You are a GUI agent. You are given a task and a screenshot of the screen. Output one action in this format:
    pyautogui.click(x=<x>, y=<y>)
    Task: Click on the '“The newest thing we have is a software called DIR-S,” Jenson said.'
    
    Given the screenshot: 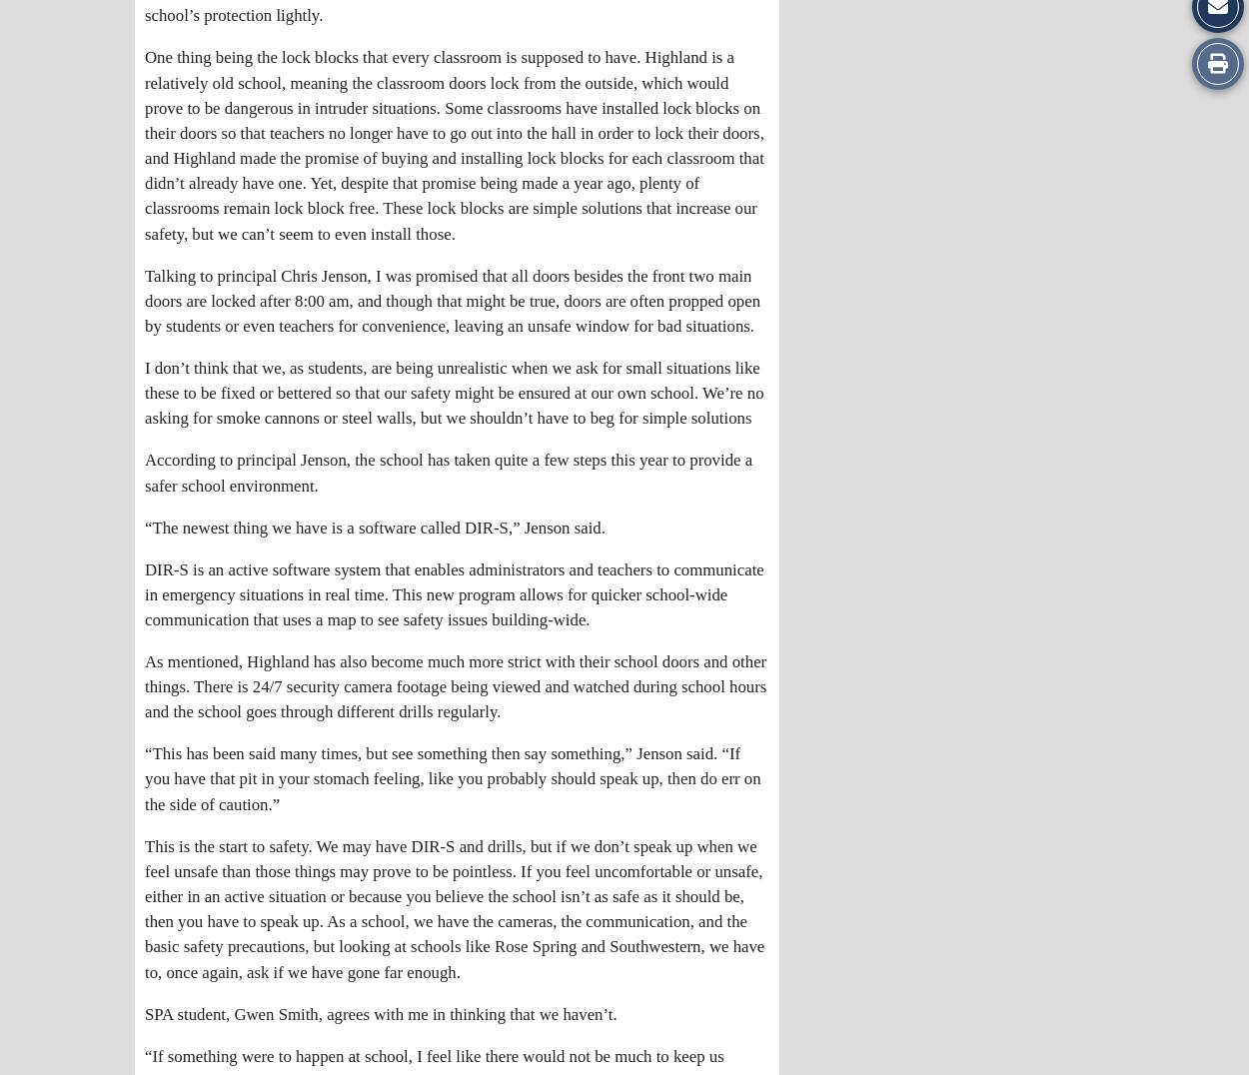 What is the action you would take?
    pyautogui.click(x=145, y=527)
    